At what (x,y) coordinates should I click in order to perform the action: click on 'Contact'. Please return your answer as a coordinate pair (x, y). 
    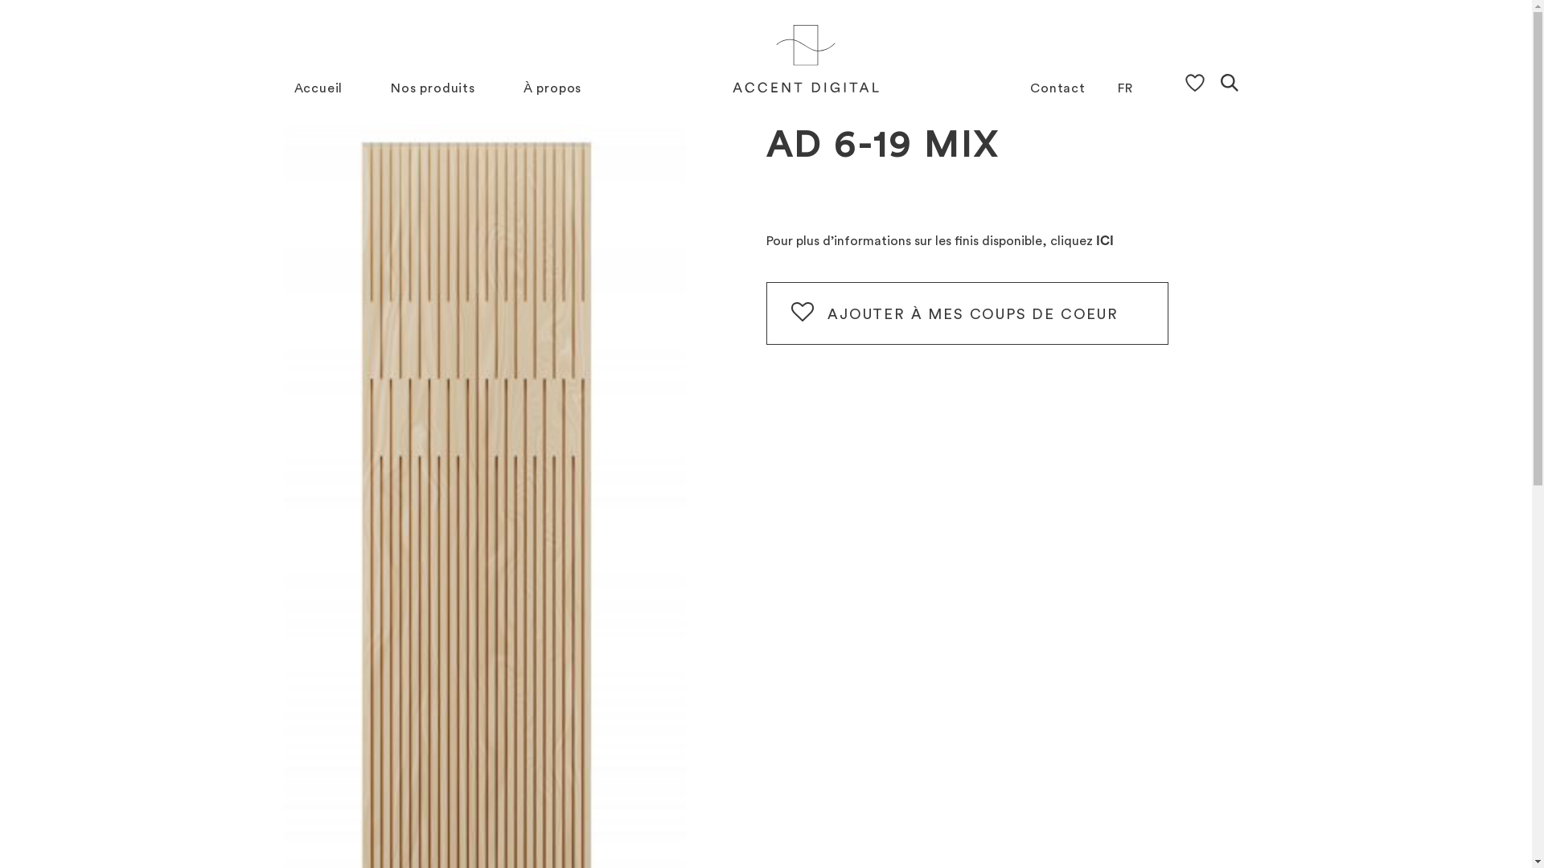
    Looking at the image, I should click on (1057, 88).